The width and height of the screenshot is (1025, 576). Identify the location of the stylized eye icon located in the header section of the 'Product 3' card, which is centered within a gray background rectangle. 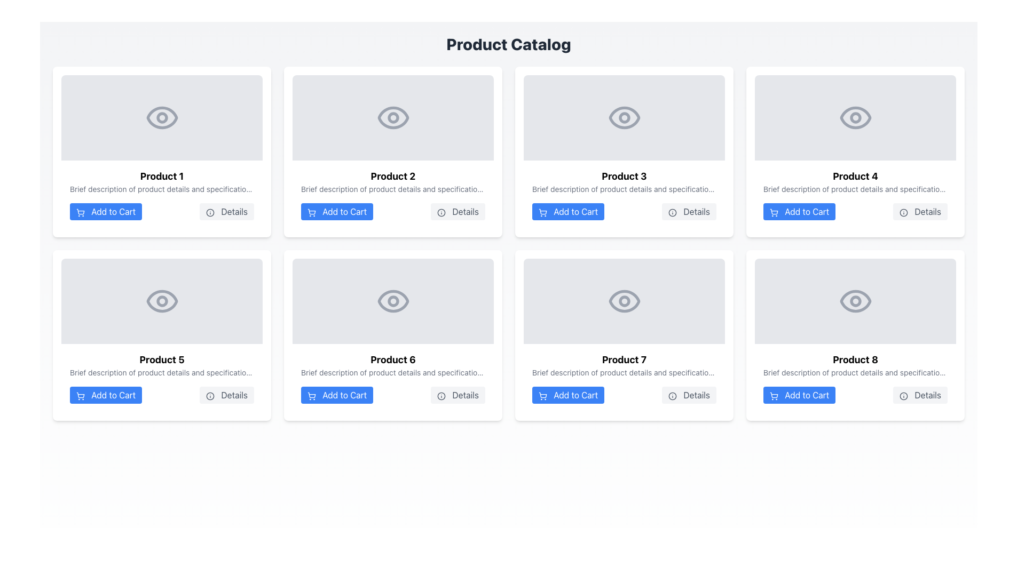
(624, 117).